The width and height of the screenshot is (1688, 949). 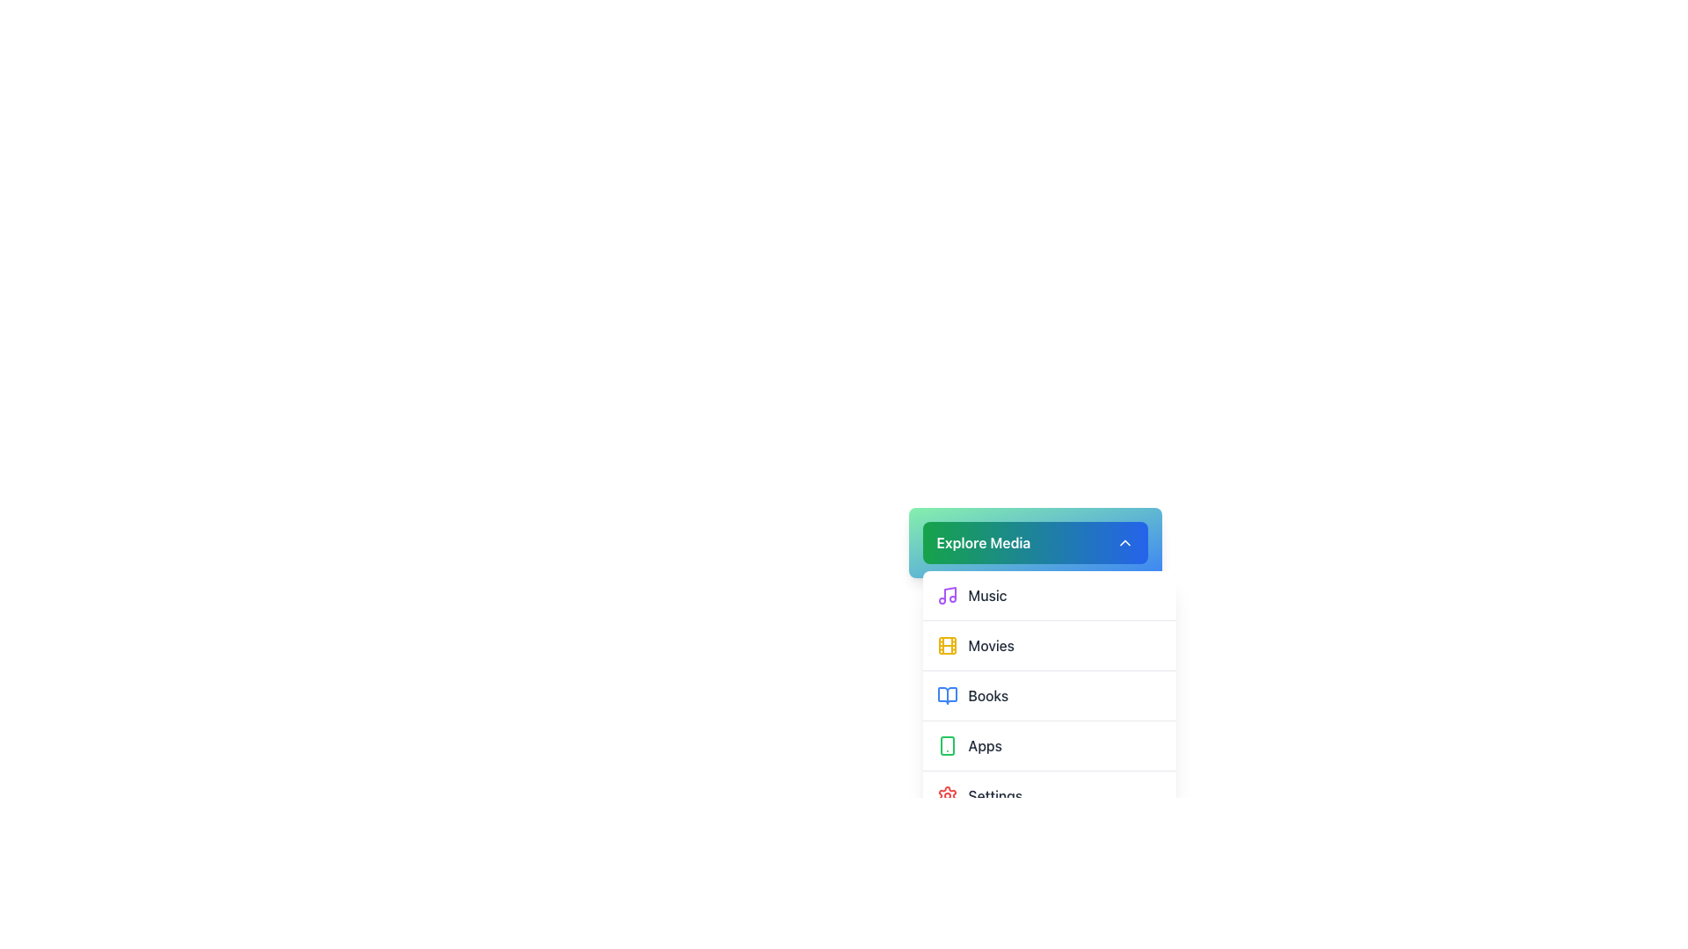 What do you see at coordinates (946, 745) in the screenshot?
I see `the green smartphone icon located to the left of the 'Apps' text label in the dropdown list under the 'Explore Media' header` at bounding box center [946, 745].